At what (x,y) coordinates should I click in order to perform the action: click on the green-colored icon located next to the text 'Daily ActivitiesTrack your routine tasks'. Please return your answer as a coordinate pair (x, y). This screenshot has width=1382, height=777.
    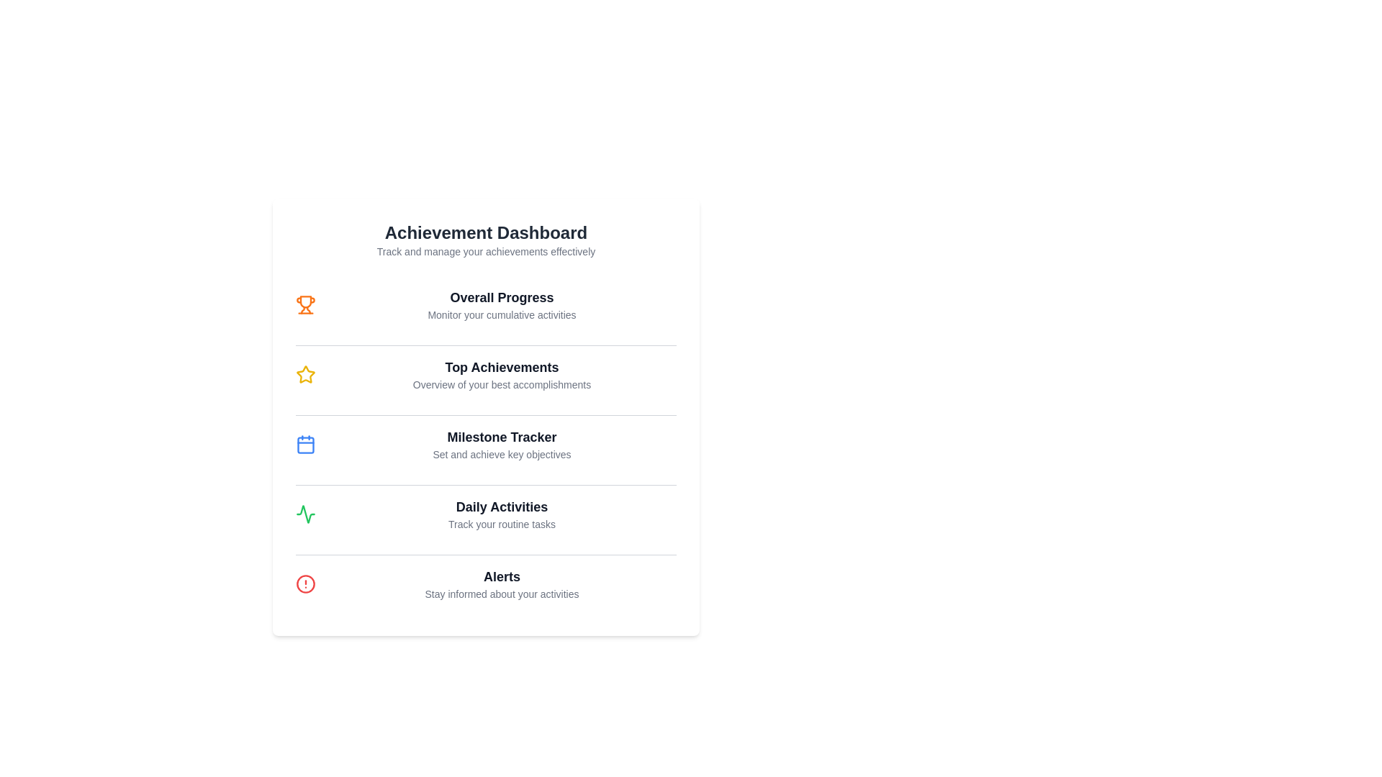
    Looking at the image, I should click on (305, 513).